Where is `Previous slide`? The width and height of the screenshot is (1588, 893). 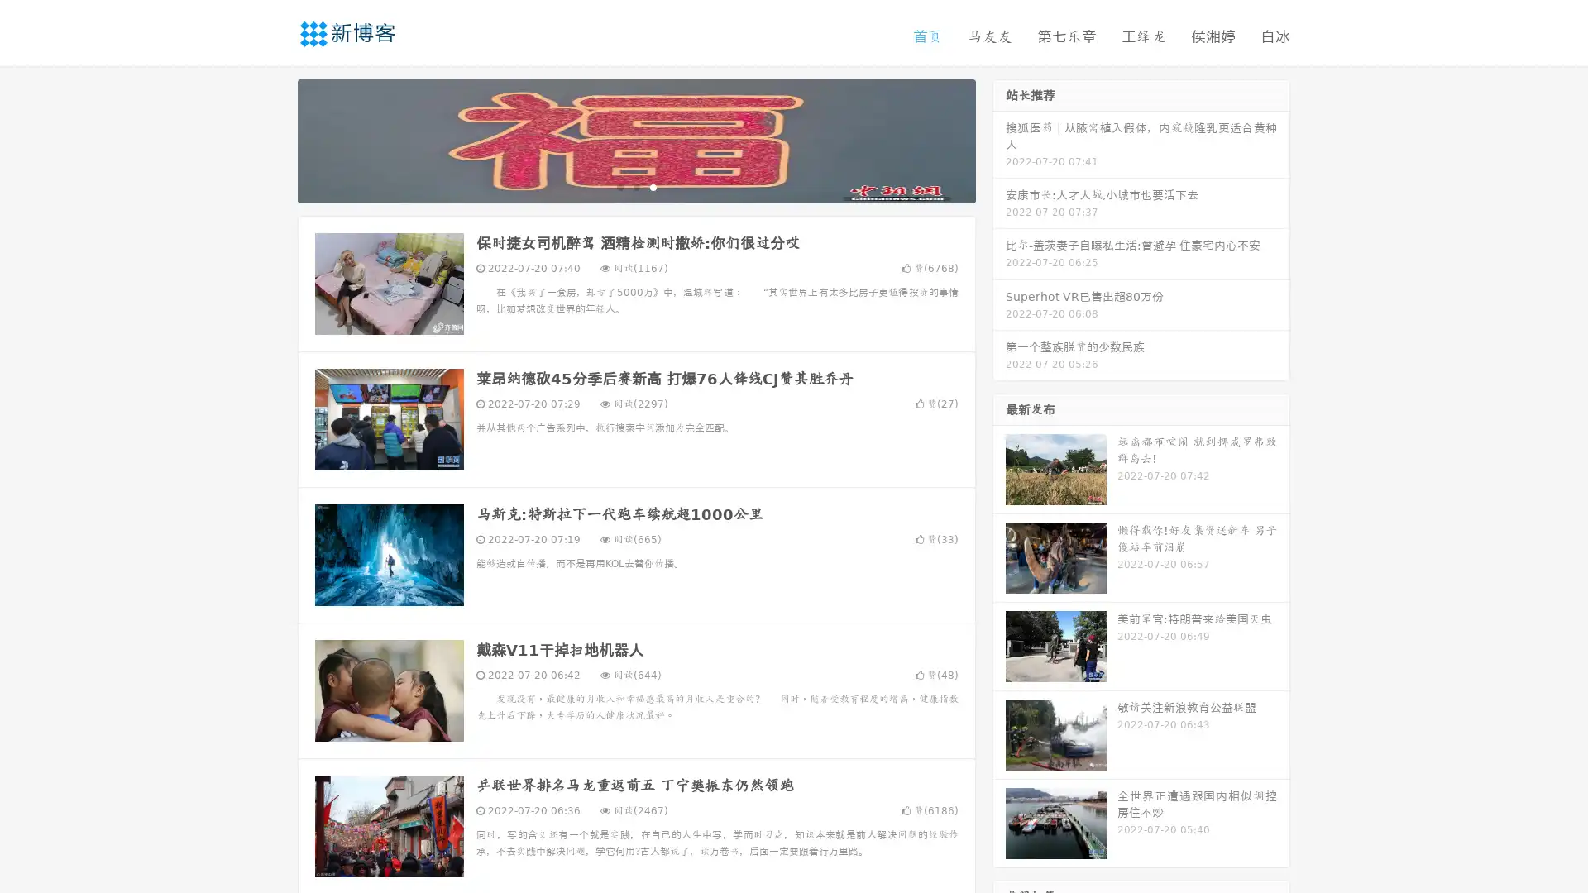
Previous slide is located at coordinates (273, 139).